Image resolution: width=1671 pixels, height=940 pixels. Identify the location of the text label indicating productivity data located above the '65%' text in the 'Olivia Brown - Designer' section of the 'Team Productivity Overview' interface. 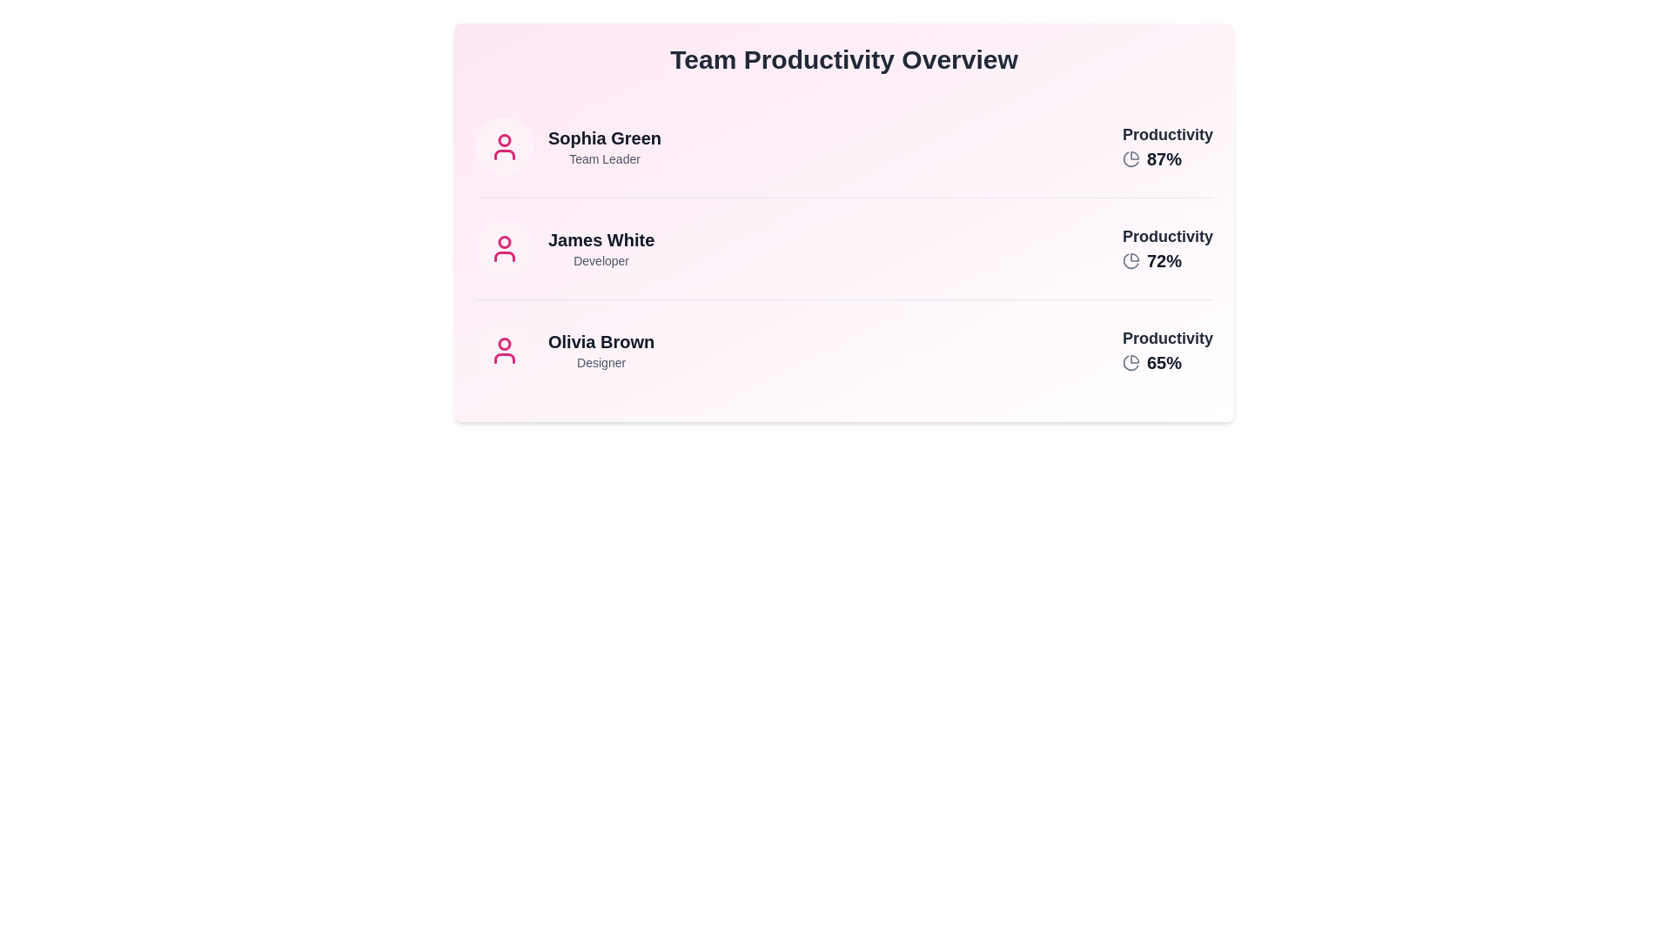
(1167, 339).